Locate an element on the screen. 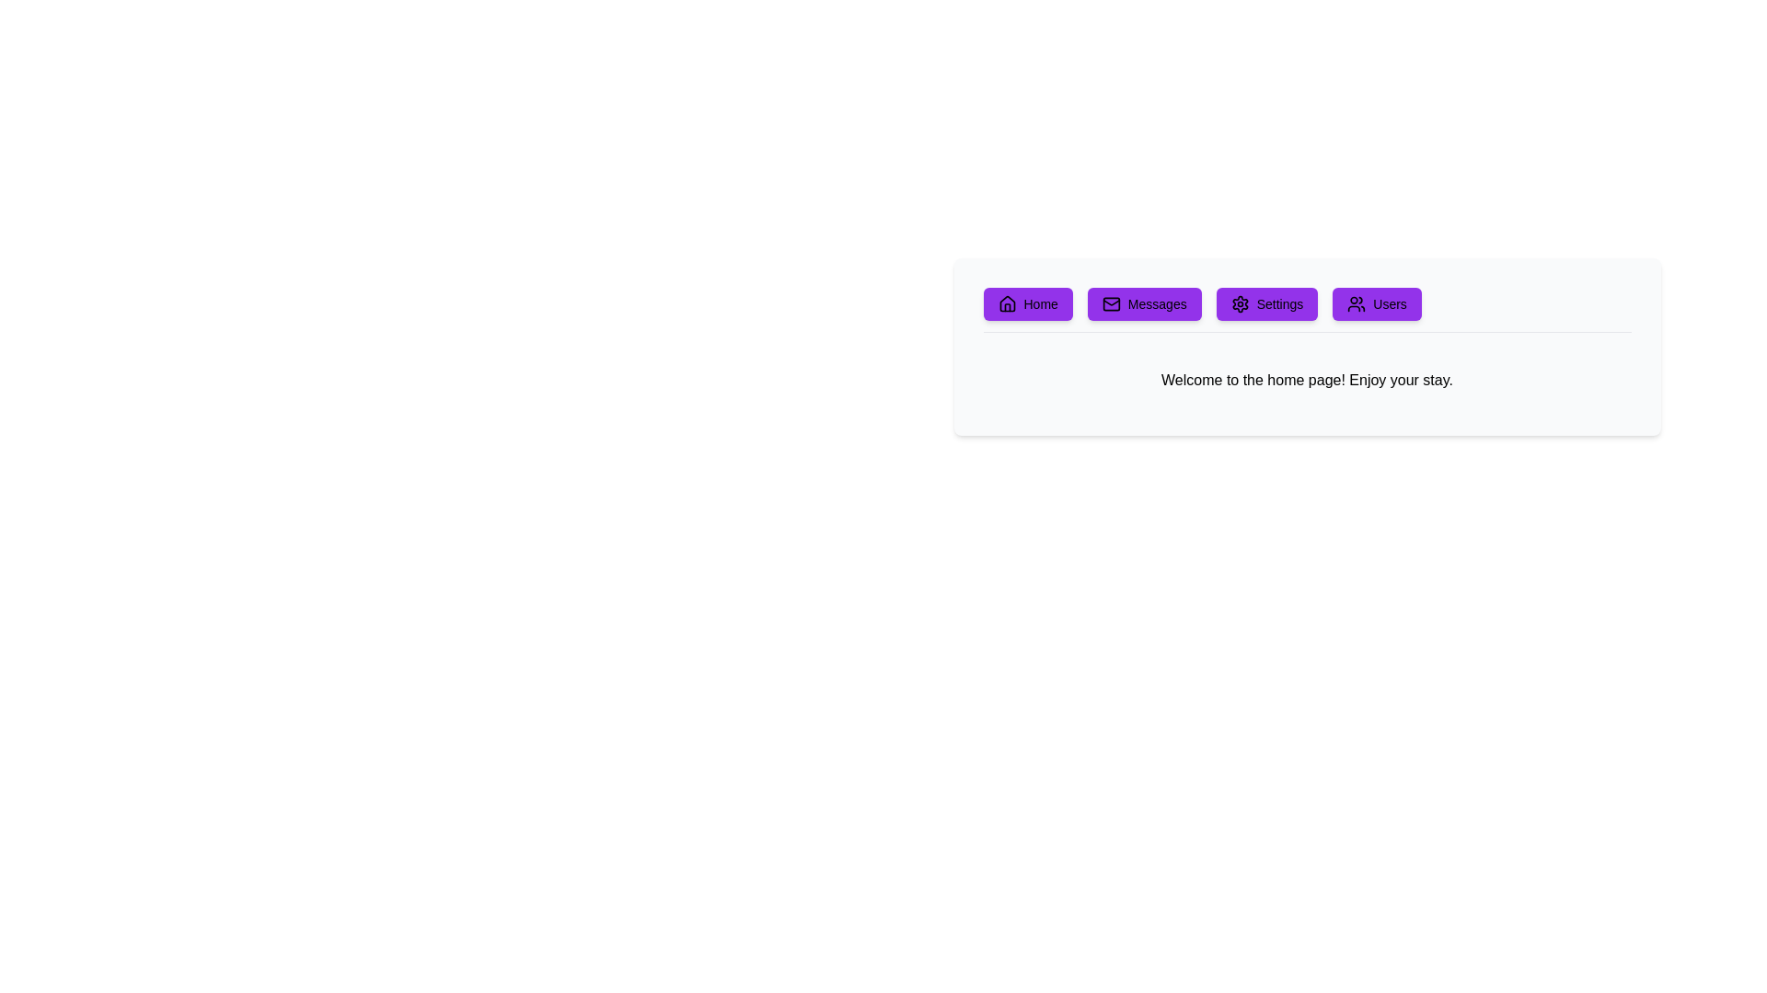 Image resolution: width=1767 pixels, height=993 pixels. the 'Settings' icon located in the navigation bar is located at coordinates (1240, 303).